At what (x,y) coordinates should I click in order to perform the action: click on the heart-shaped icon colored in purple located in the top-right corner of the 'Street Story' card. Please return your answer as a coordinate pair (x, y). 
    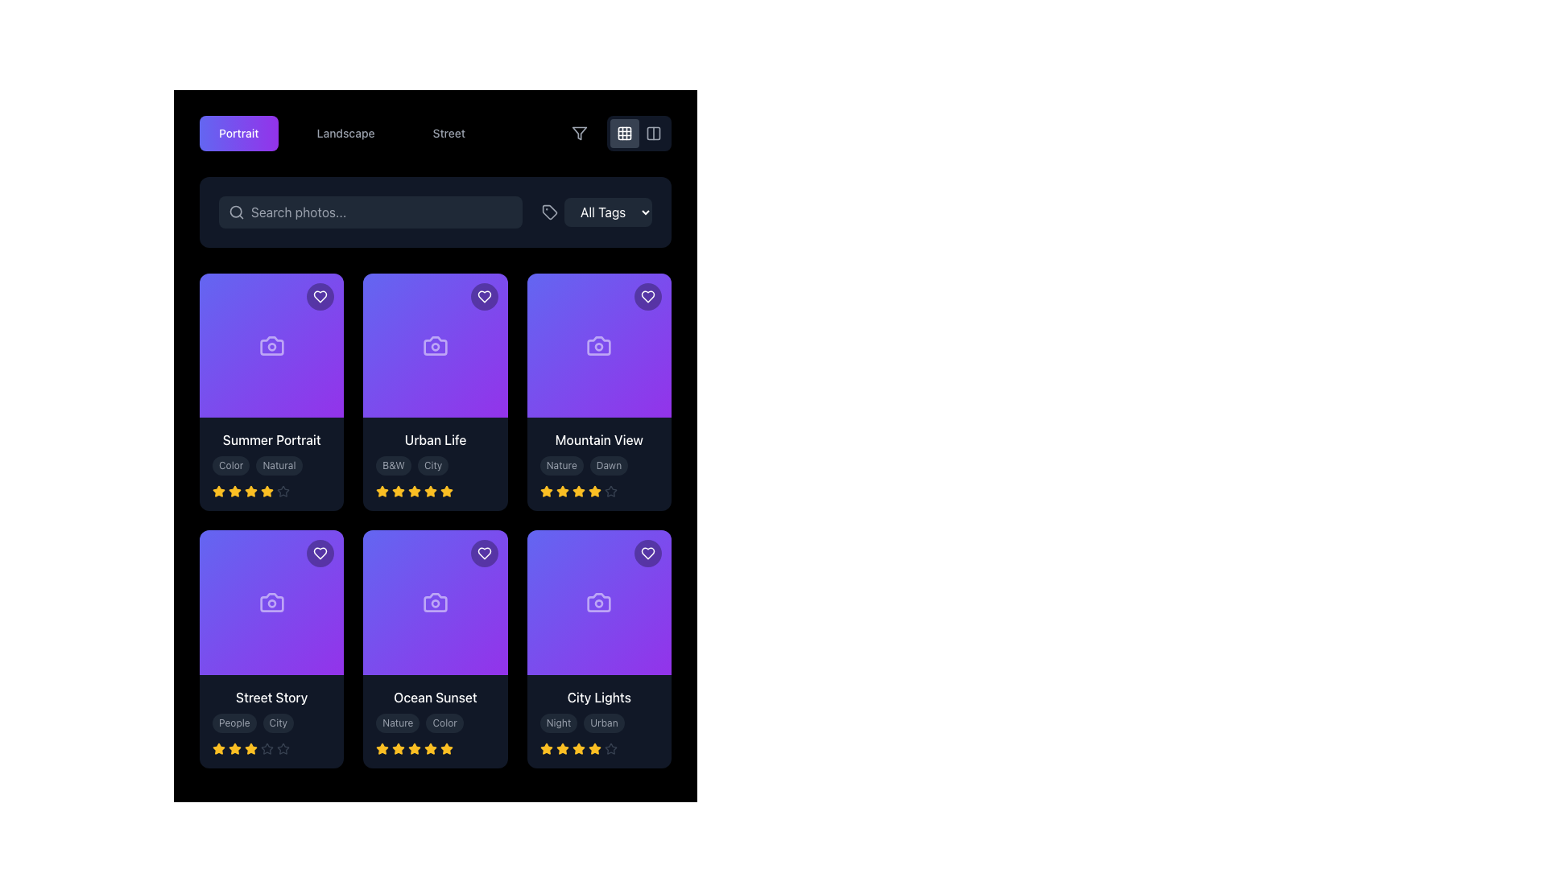
    Looking at the image, I should click on (320, 553).